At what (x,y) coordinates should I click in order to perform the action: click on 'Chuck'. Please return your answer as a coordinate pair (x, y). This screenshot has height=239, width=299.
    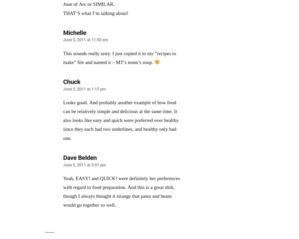
    Looking at the image, I should click on (71, 82).